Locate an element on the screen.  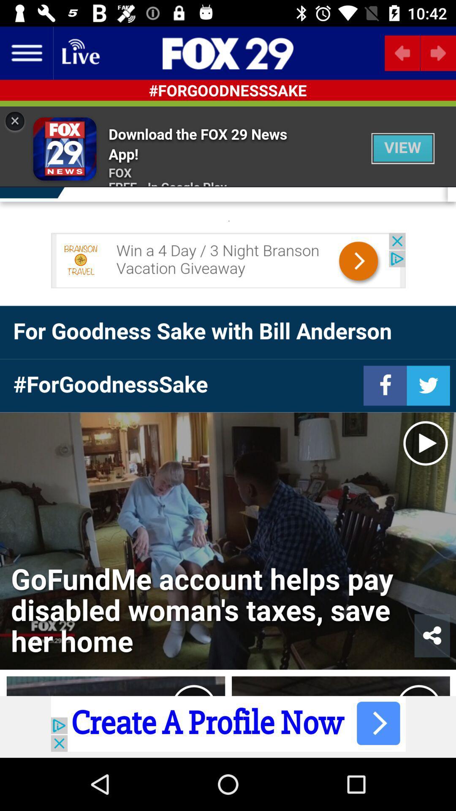
the sliders icon is located at coordinates (228, 52).